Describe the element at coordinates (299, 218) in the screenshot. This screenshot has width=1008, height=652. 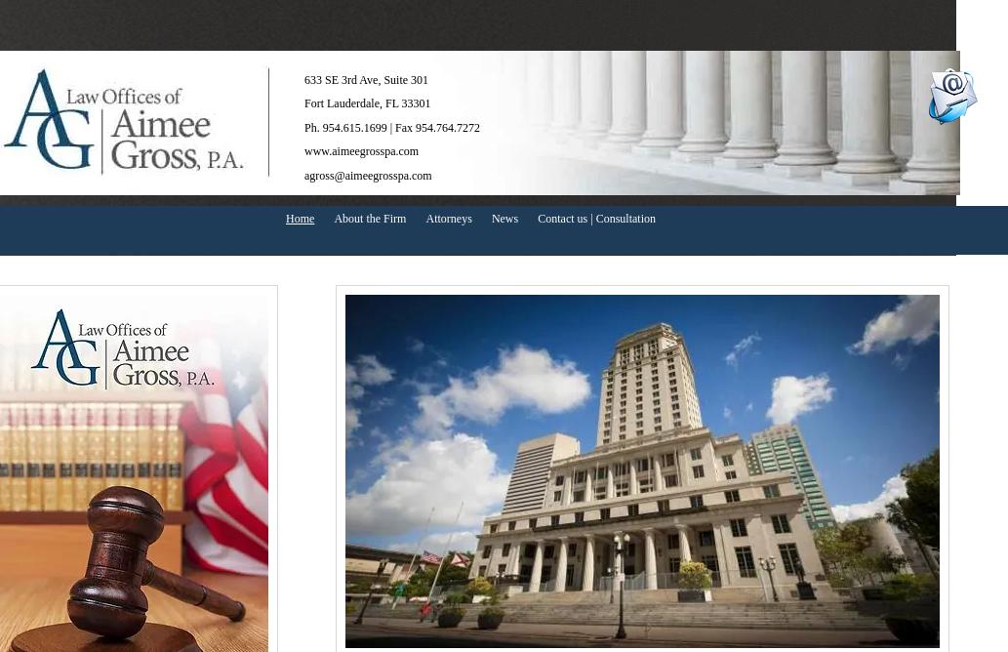
I see `'Home'` at that location.